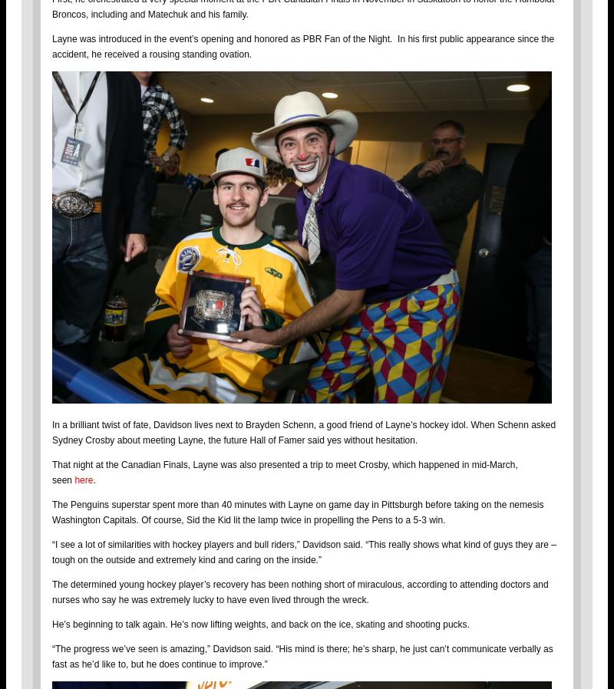  What do you see at coordinates (303, 430) in the screenshot?
I see `'In a brilliant twist of fate, Davidson lives next to Brayden Schenn, a good friend of Layne’s hockey idol. When Schenn asked Sydney Crosby about meeting Layne, the future Hall of Famer said yes without hesitation.'` at bounding box center [303, 430].